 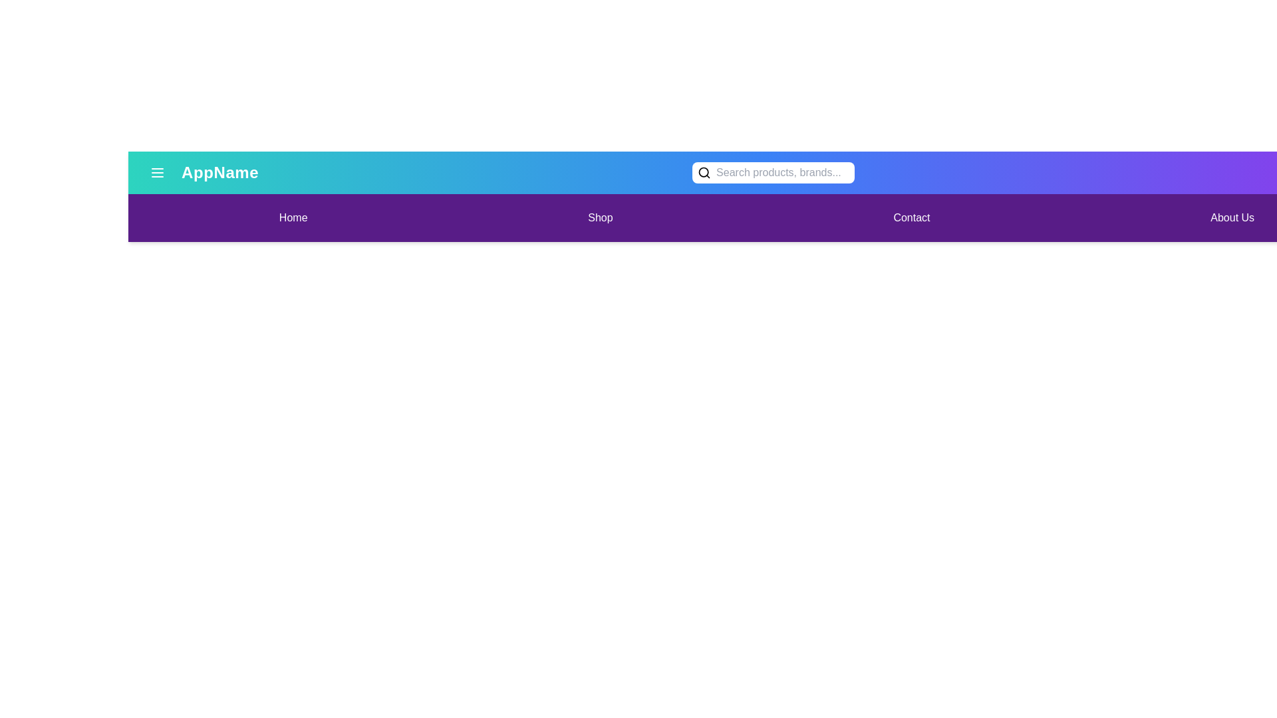 I want to click on the 'Contact' button-like navigation link in the horizontal navigation bar to change its background color, so click(x=911, y=217).